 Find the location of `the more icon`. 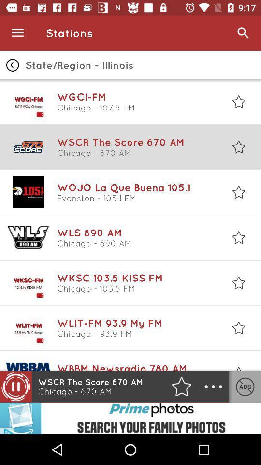

the more icon is located at coordinates (213, 387).